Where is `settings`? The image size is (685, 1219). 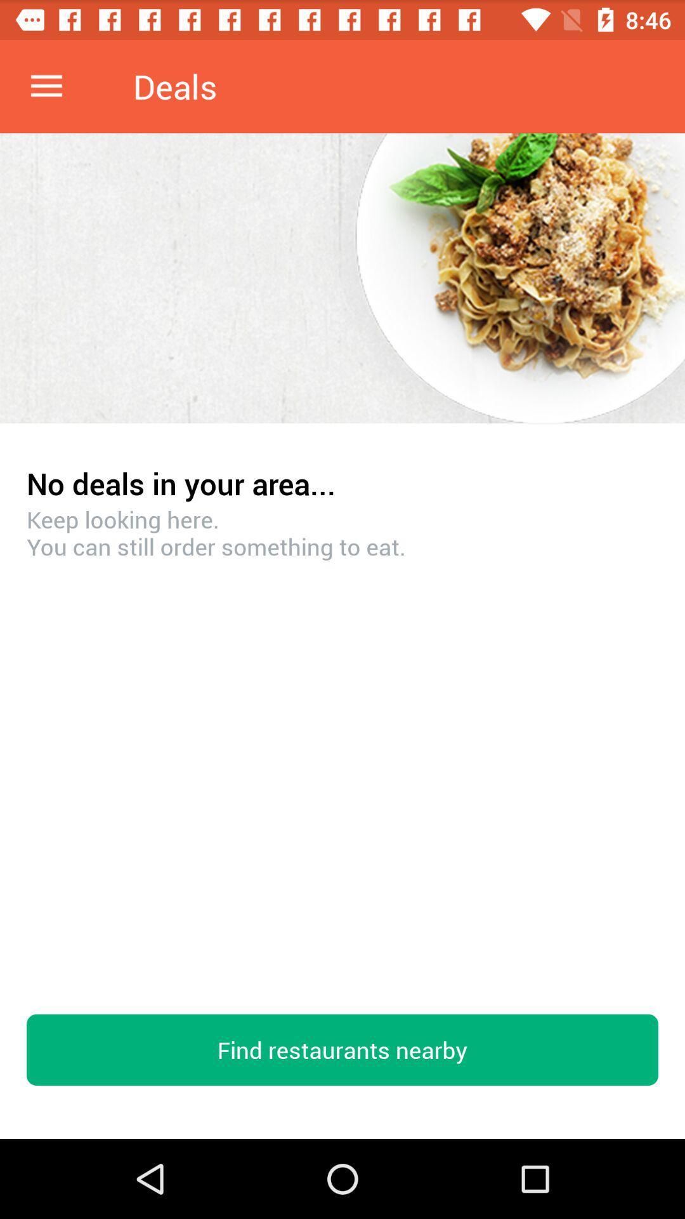
settings is located at coordinates (46, 86).